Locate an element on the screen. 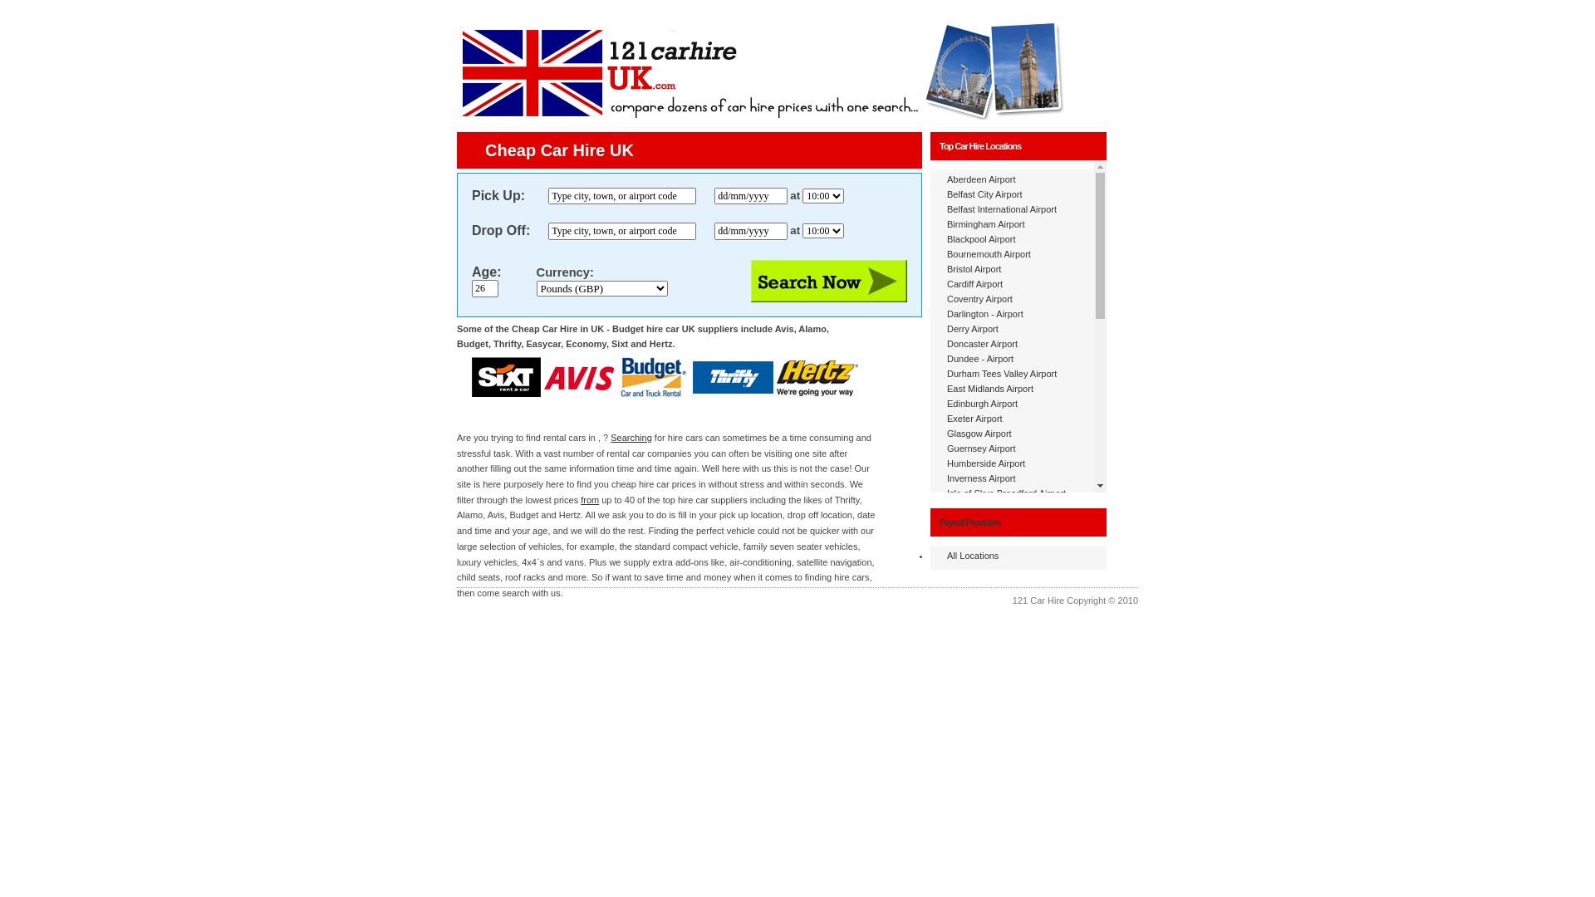  'John Lennon Airport' is located at coordinates (988, 522).